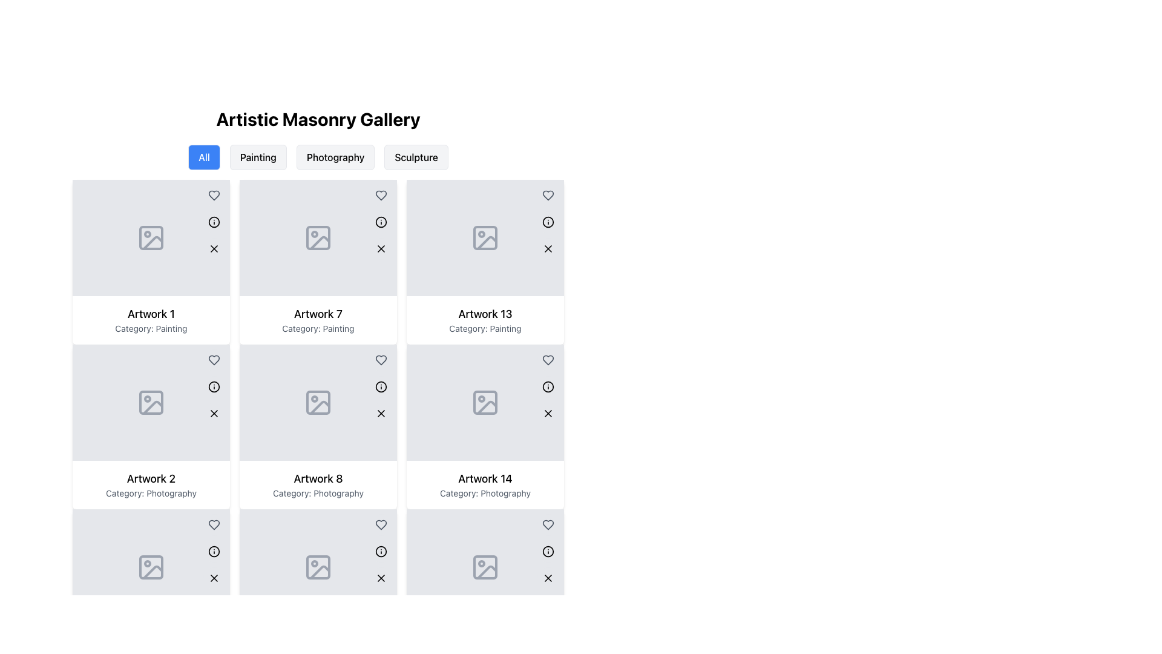 Image resolution: width=1162 pixels, height=654 pixels. Describe the element at coordinates (150, 402) in the screenshot. I see `the icon representing an image in the gallery, specifically located in the second item of the first column in the masonry layout under the card labeled 'Artwork 2'` at that location.